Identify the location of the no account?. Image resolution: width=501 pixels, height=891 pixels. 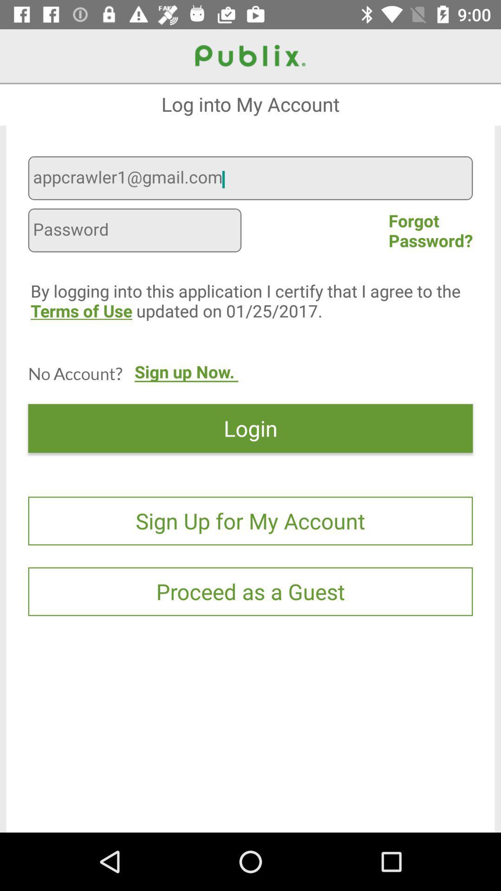
(75, 373).